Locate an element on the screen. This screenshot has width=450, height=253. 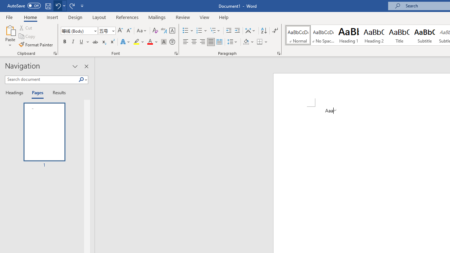
'System' is located at coordinates (4, 4).